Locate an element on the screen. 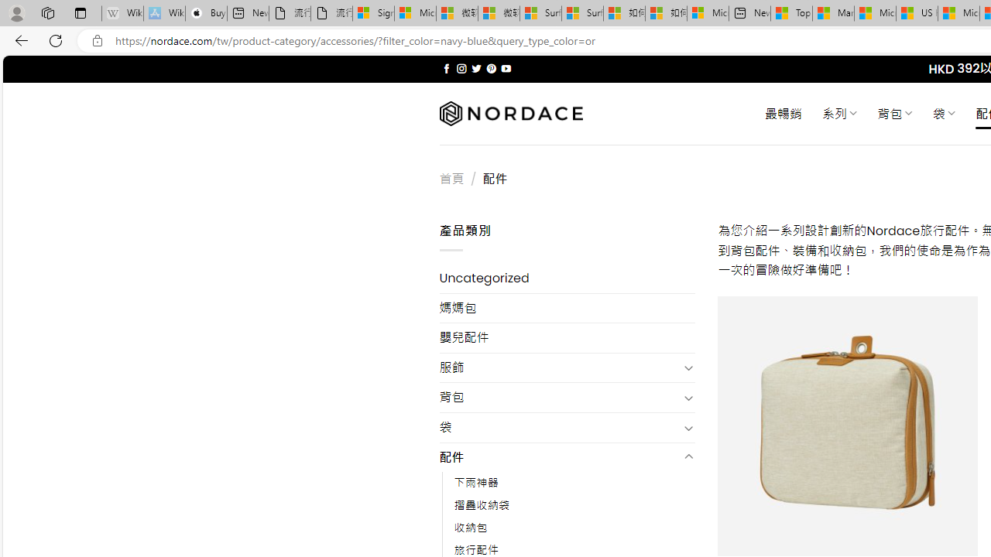 This screenshot has width=991, height=557. 'US Heat Deaths Soared To Record High Last Year' is located at coordinates (917, 13).